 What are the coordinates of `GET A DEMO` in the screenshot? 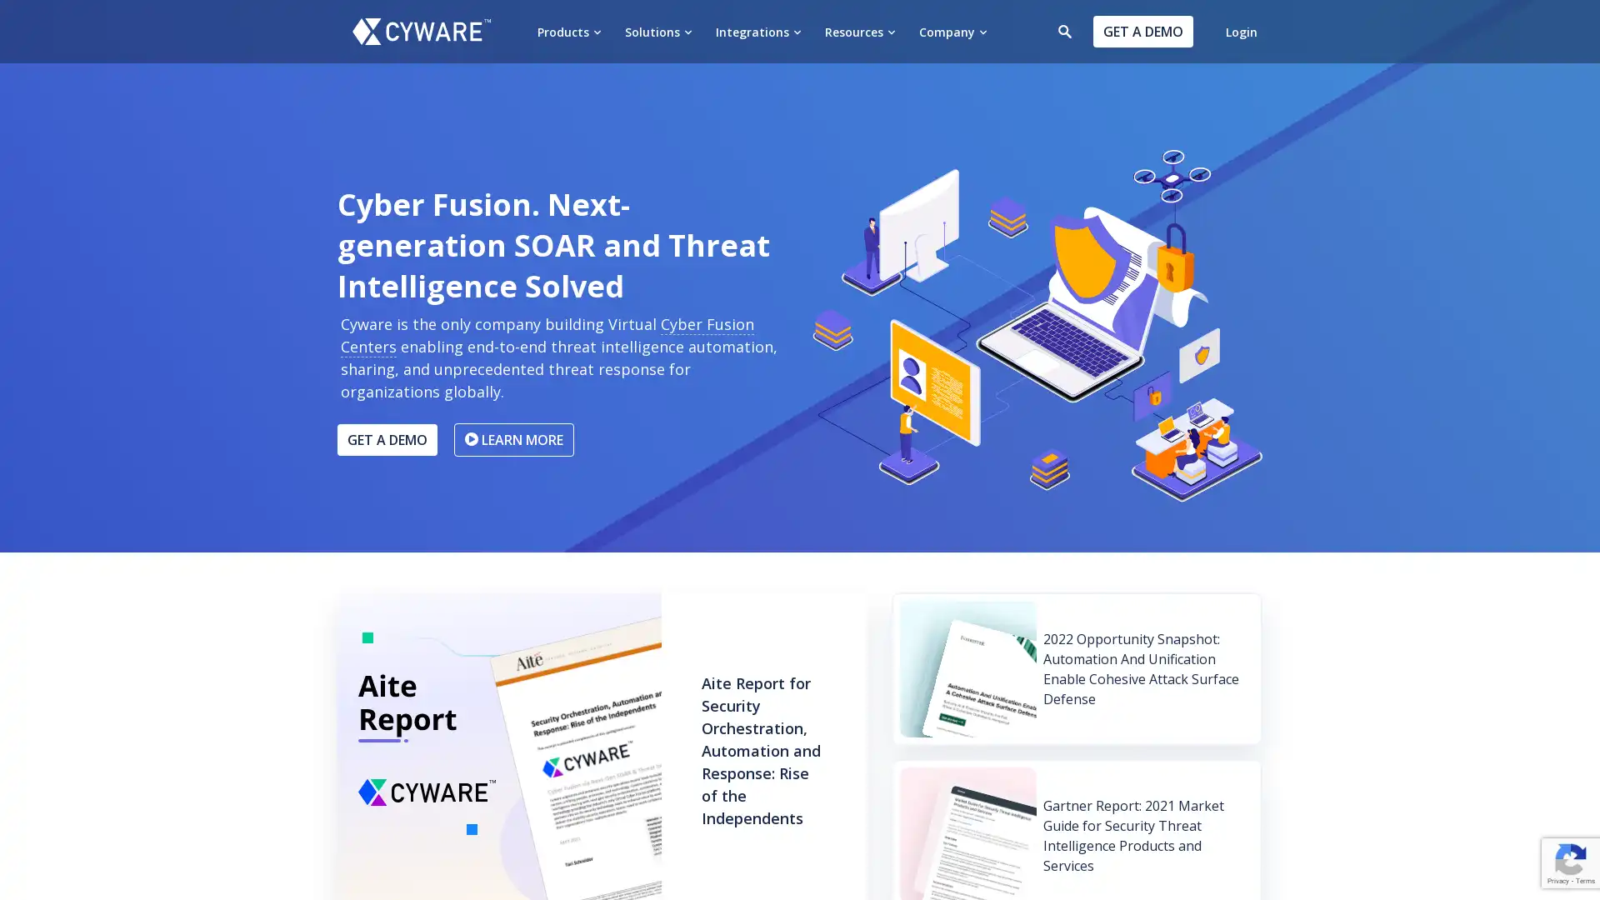 It's located at (387, 438).